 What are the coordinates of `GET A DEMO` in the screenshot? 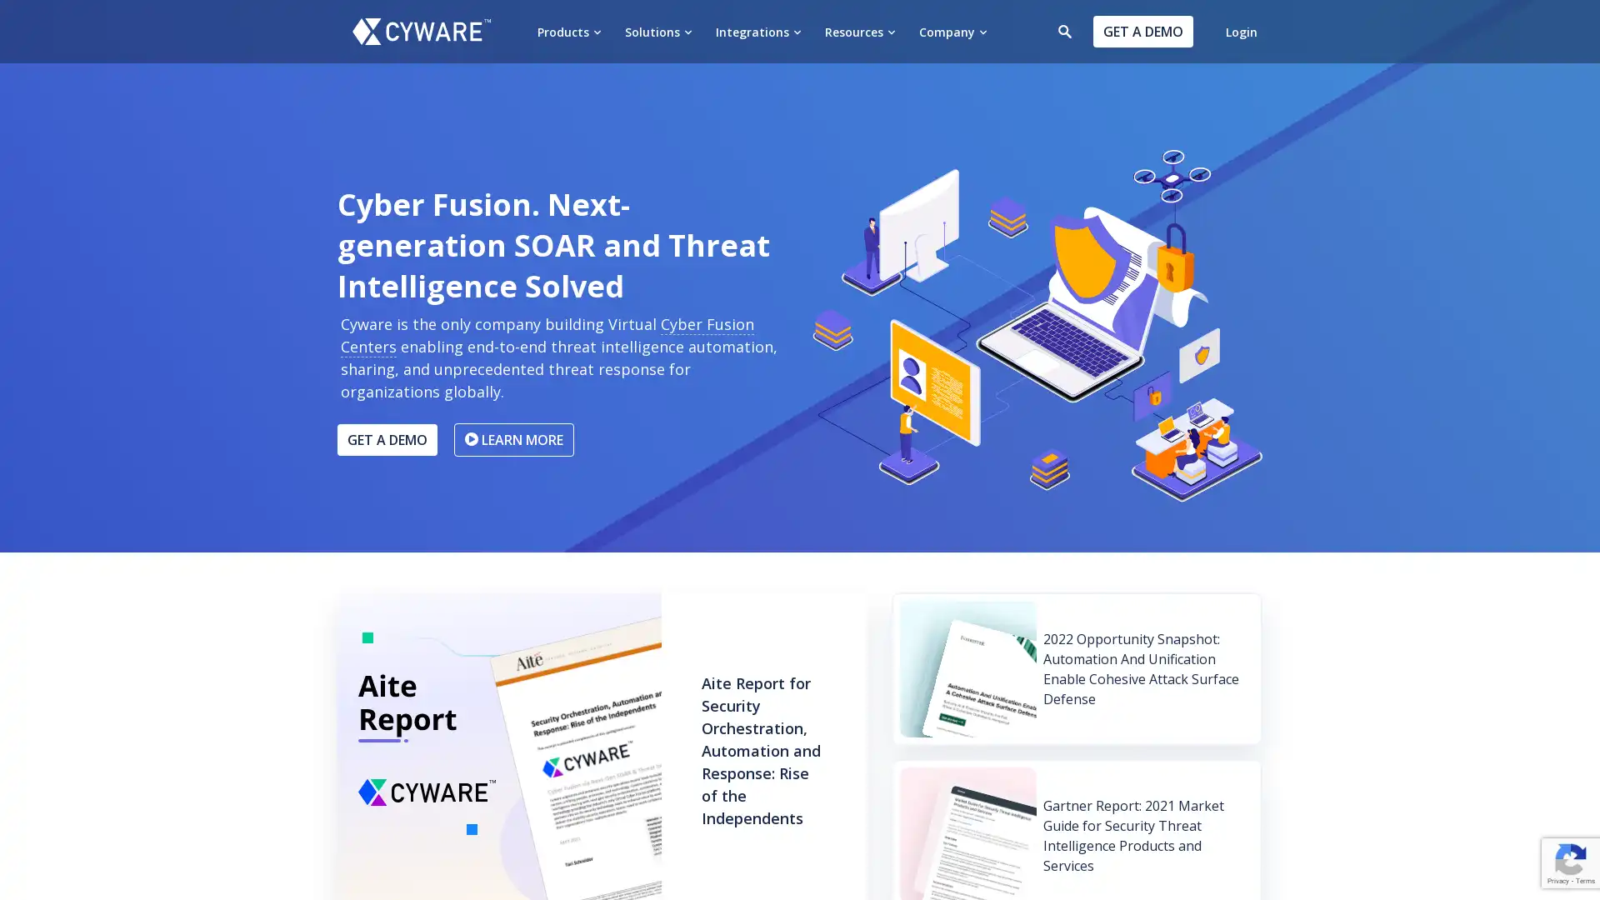 It's located at (387, 438).